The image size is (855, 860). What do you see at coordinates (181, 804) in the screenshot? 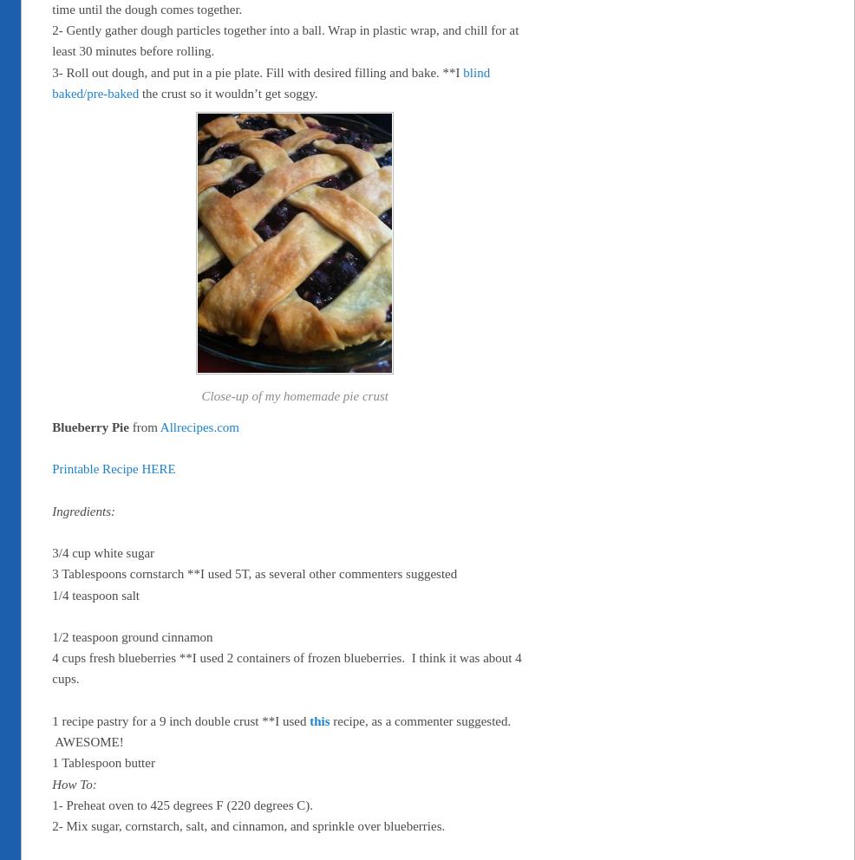
I see `'1- Preheat oven to 425 degrees F (220 degrees C).'` at bounding box center [181, 804].